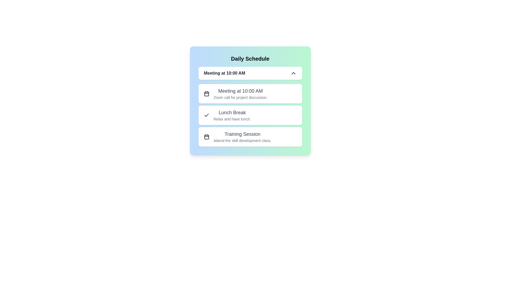 The height and width of the screenshot is (291, 518). I want to click on the event Lunch Break from the dropdown menu, so click(250, 115).